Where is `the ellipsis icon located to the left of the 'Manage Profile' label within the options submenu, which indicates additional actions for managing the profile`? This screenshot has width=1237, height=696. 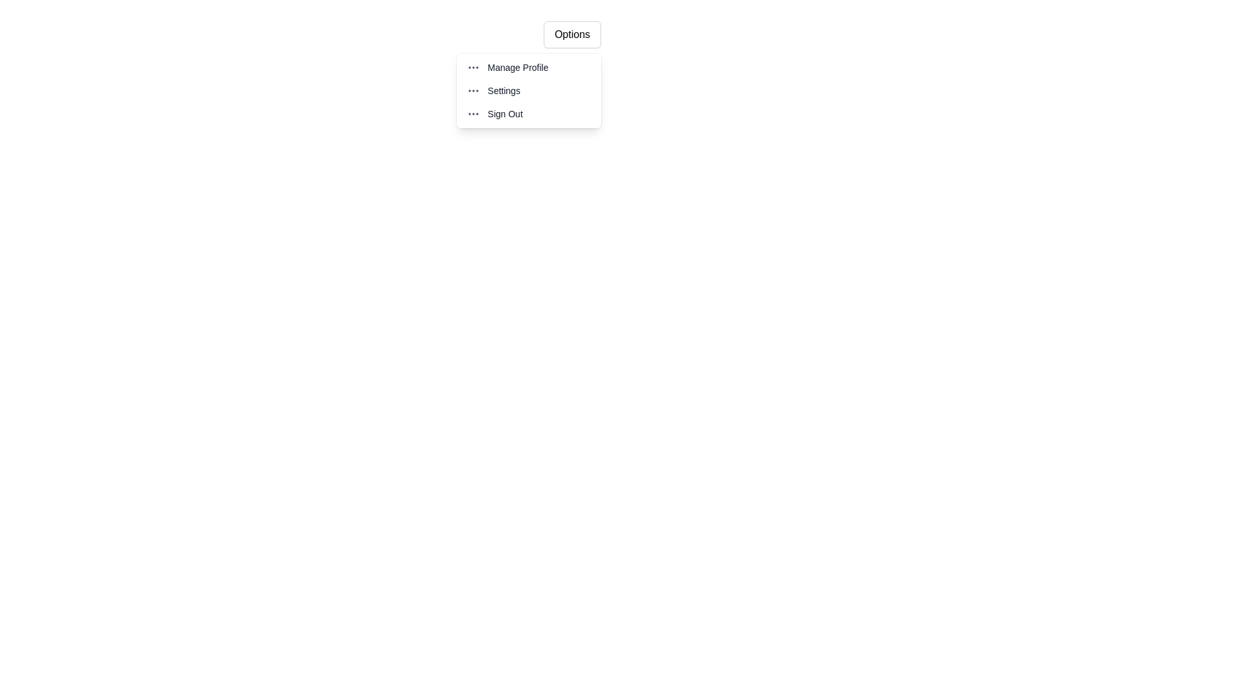 the ellipsis icon located to the left of the 'Manage Profile' label within the options submenu, which indicates additional actions for managing the profile is located at coordinates (472, 67).